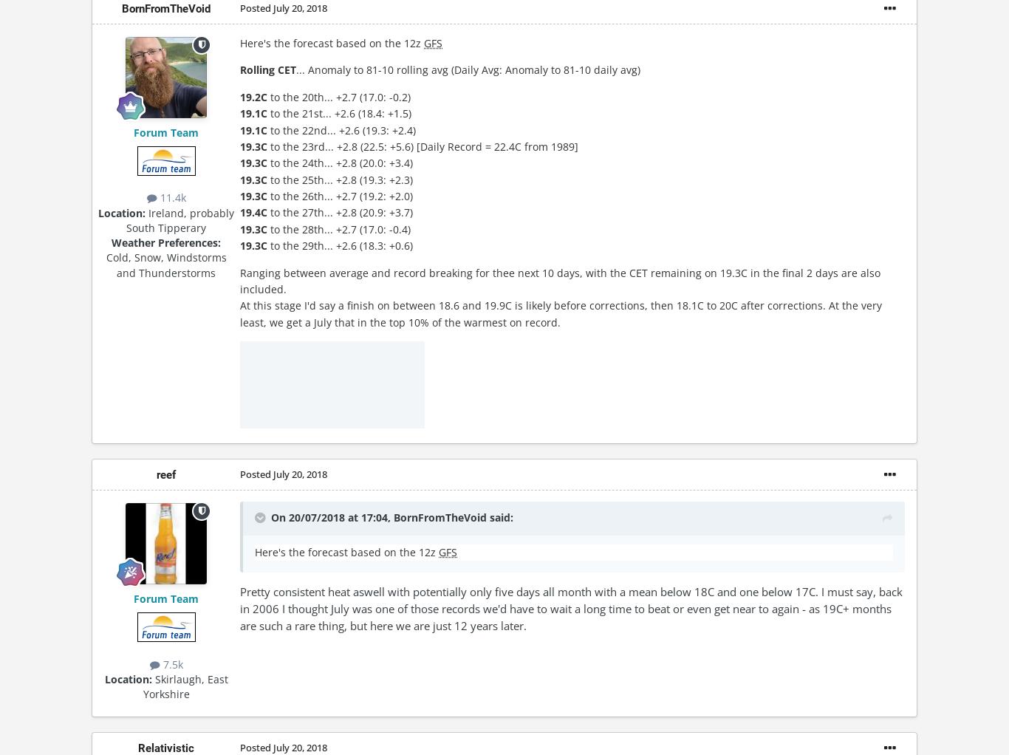 The width and height of the screenshot is (1009, 755). What do you see at coordinates (165, 242) in the screenshot?
I see `'Weather Preferences:'` at bounding box center [165, 242].